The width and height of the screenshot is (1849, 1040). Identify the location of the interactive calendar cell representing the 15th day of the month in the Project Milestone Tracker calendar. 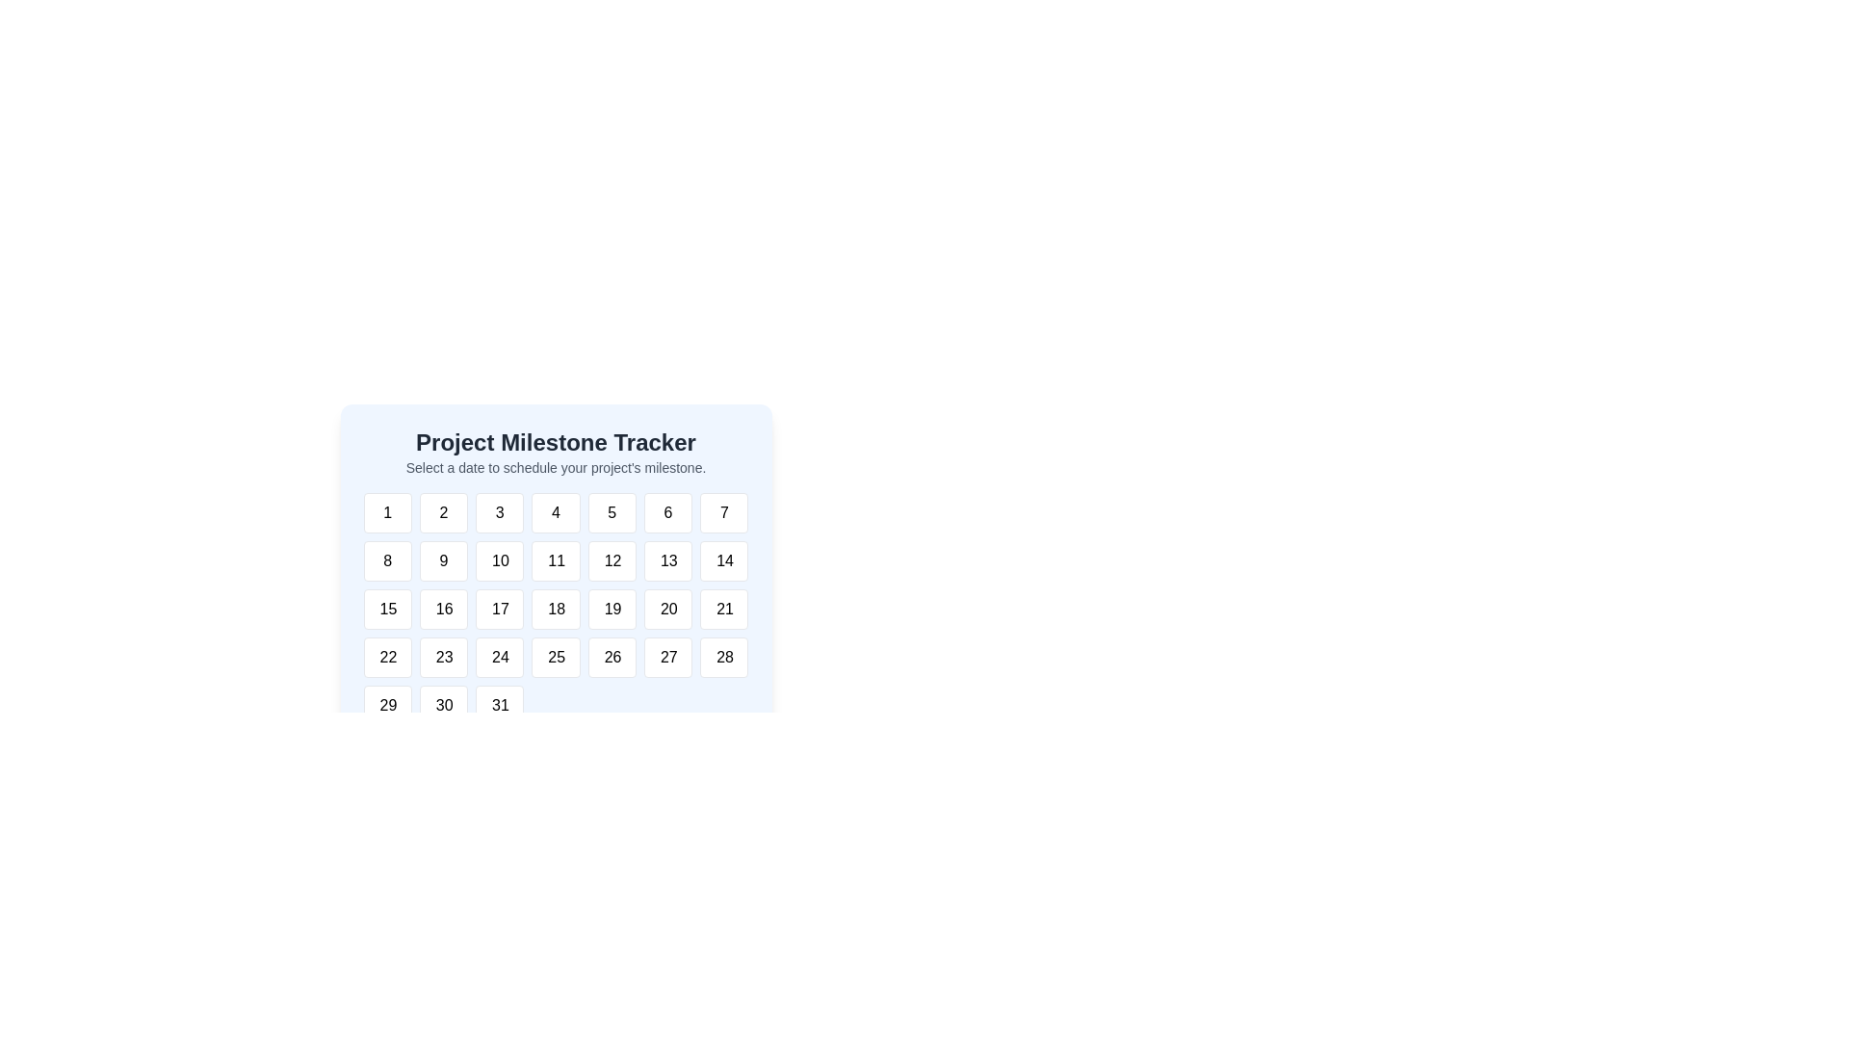
(386, 609).